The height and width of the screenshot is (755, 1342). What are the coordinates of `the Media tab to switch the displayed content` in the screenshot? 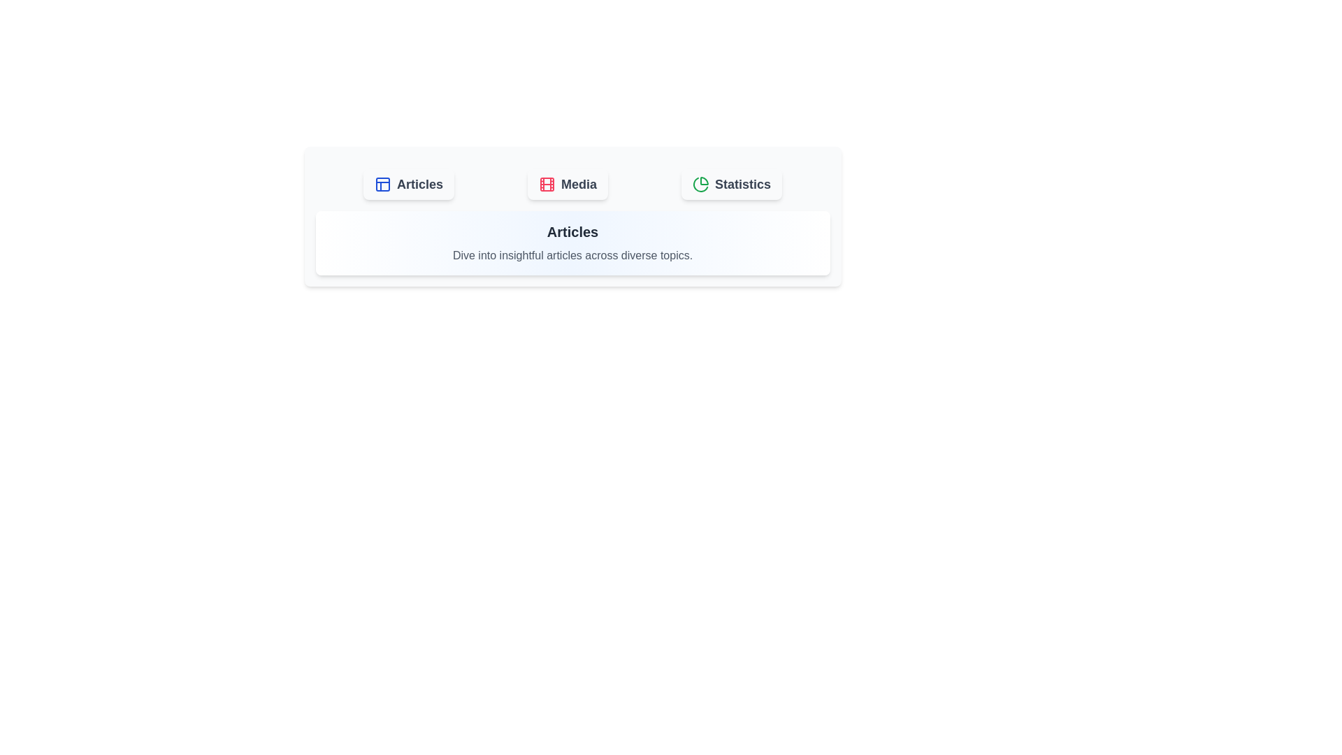 It's located at (568, 183).